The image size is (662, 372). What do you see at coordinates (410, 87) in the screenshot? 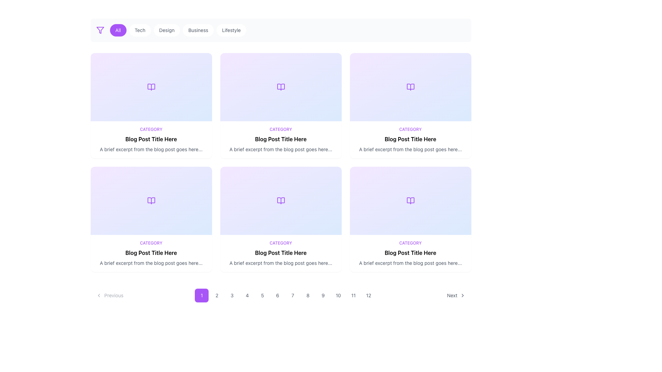
I see `the icon located in the third card of the first row in the displayed grid of cards` at bounding box center [410, 87].